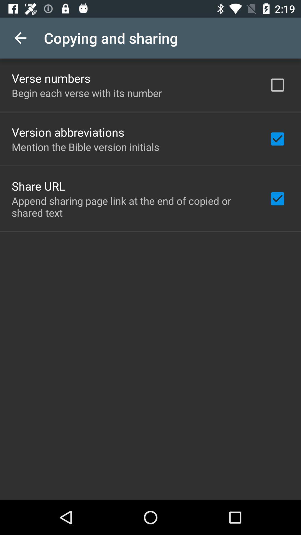 The image size is (301, 535). I want to click on the item above the version abbreviations, so click(87, 93).